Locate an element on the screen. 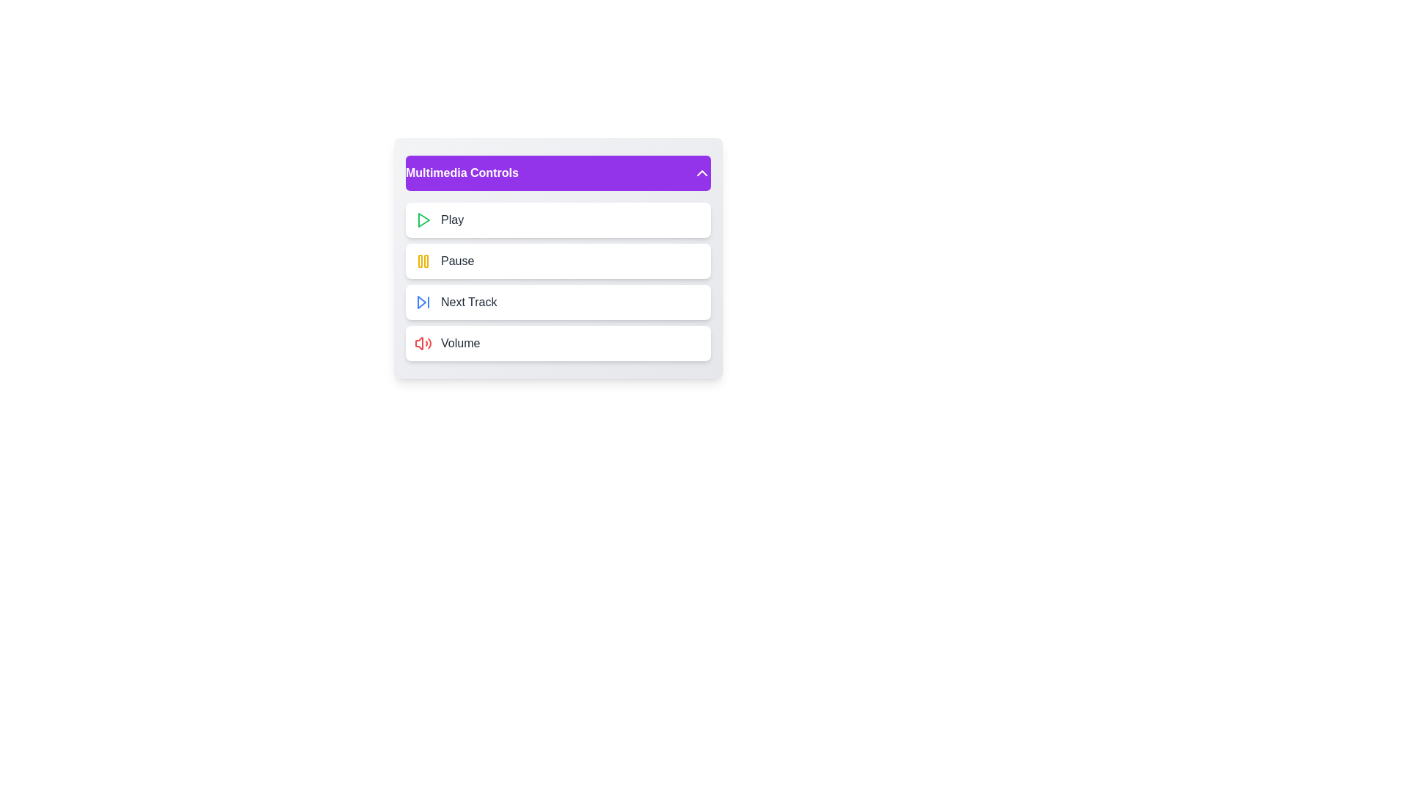  the chevron icon button located at the far right of the 'Multimedia Controls' header section is located at coordinates (701, 172).